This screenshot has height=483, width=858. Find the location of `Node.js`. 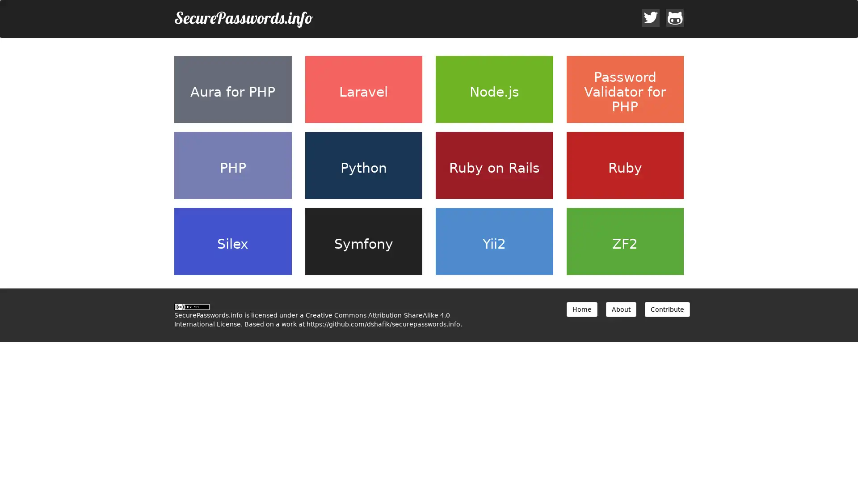

Node.js is located at coordinates (493, 89).